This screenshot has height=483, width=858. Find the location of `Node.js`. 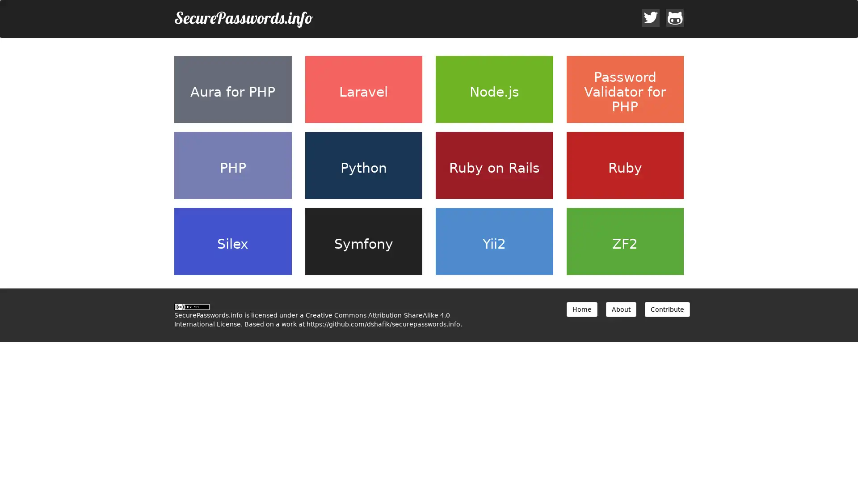

Node.js is located at coordinates (493, 89).